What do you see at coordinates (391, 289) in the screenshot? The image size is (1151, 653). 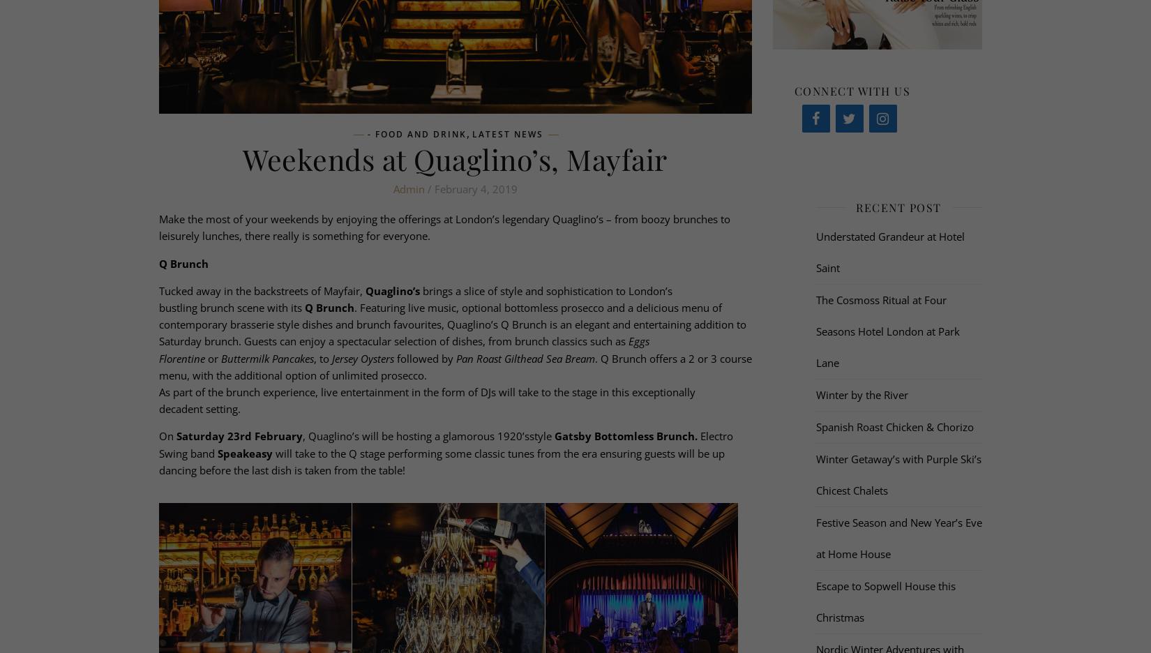 I see `'Quaglino’s'` at bounding box center [391, 289].